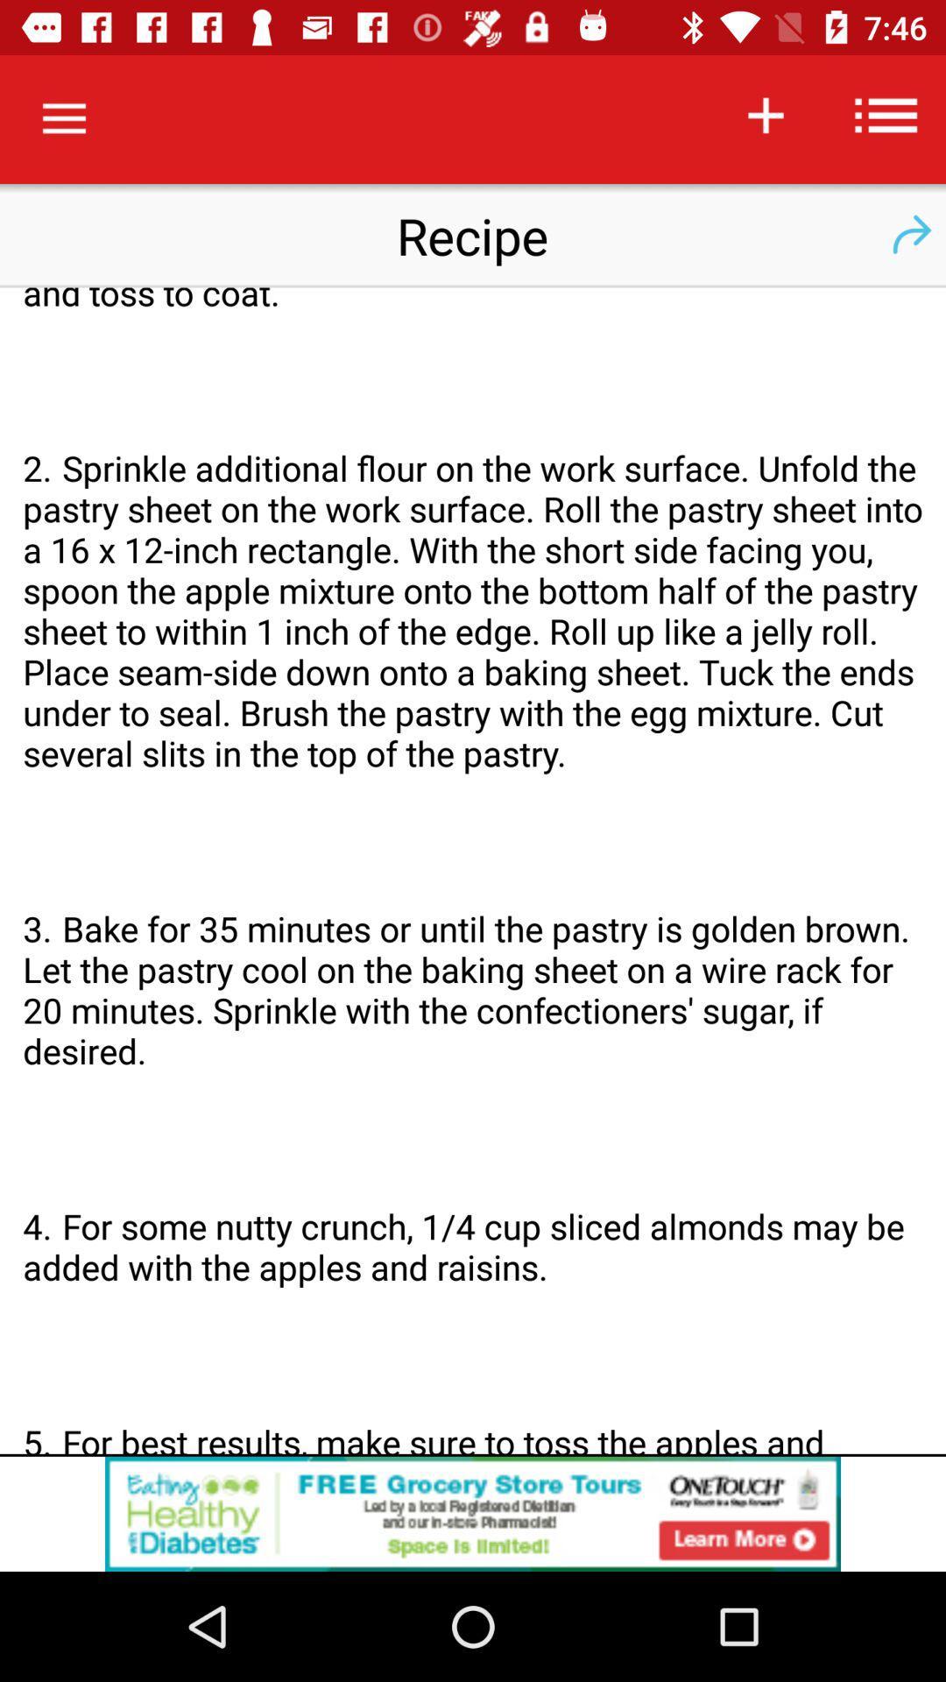 The height and width of the screenshot is (1682, 946). What do you see at coordinates (910, 234) in the screenshot?
I see `the redo icon` at bounding box center [910, 234].